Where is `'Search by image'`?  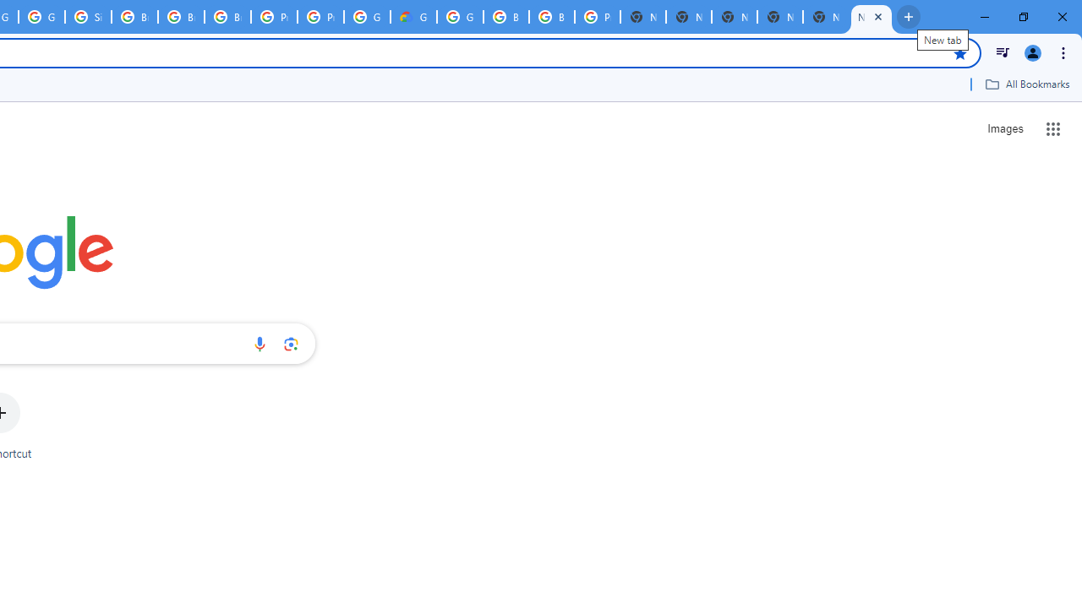 'Search by image' is located at coordinates (291, 343).